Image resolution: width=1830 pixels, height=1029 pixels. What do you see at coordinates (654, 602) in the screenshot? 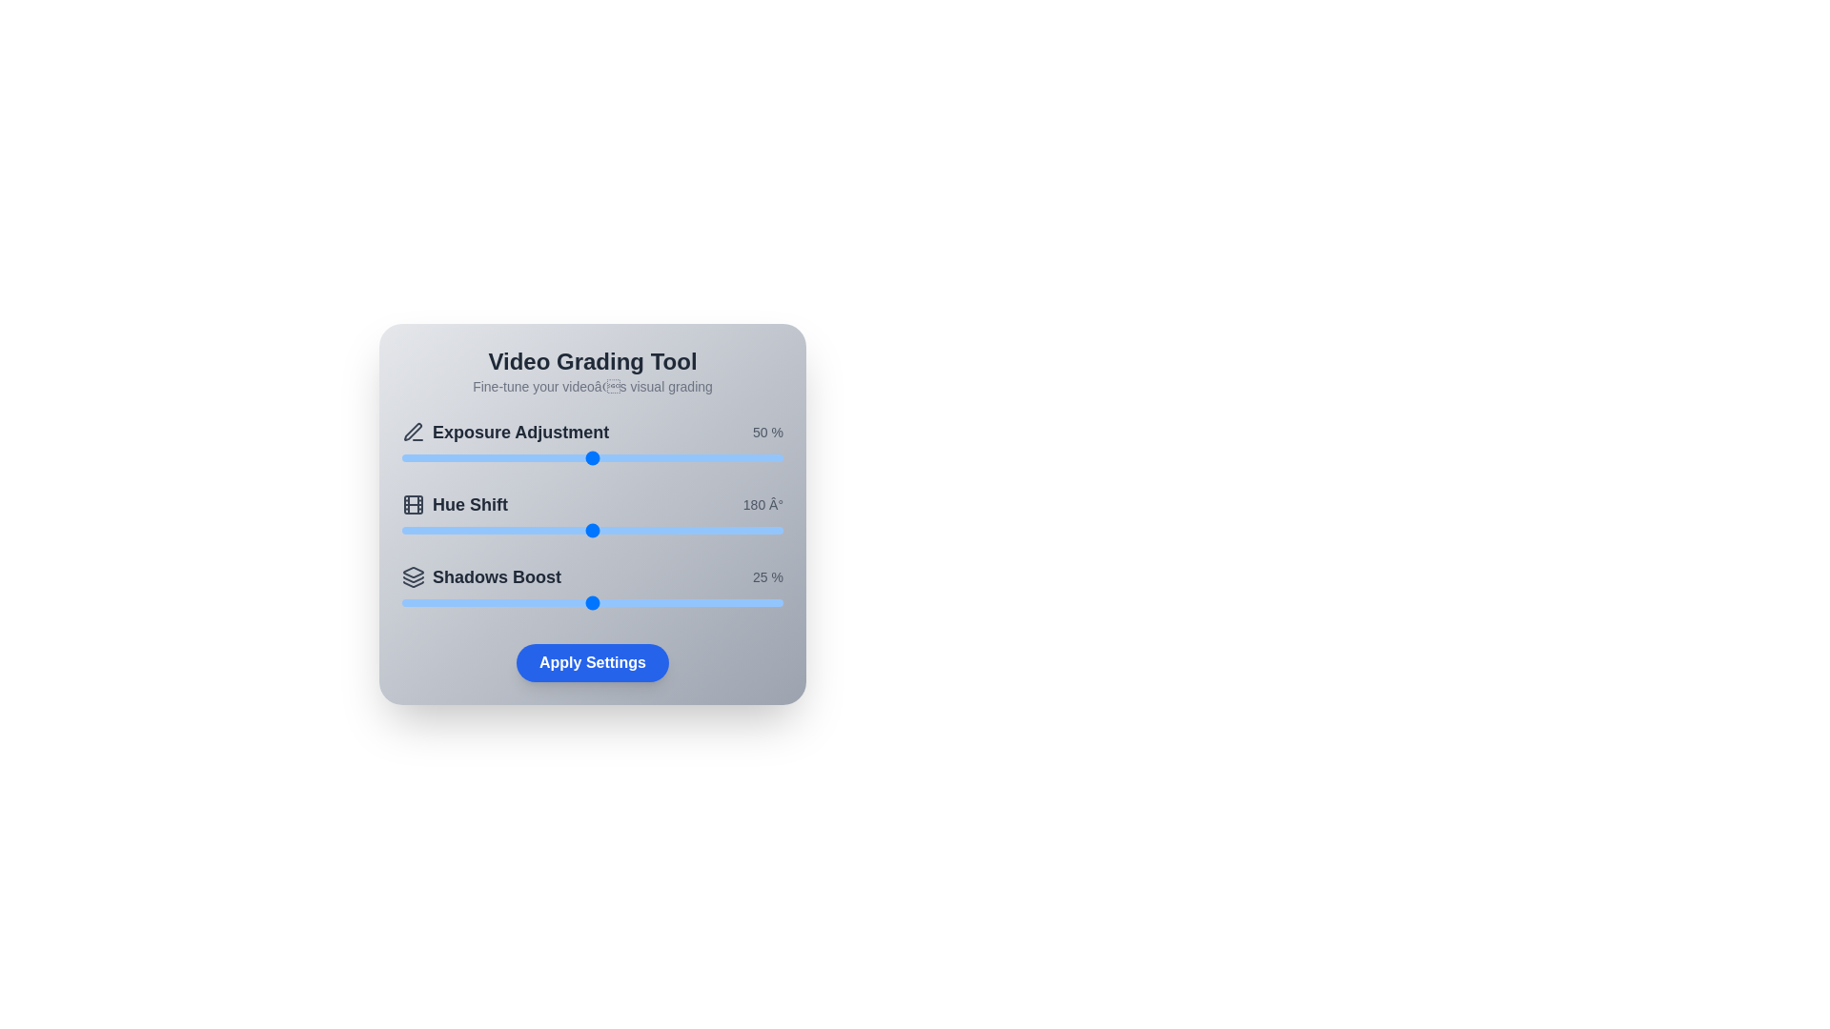
I see `the 'Shadows Boost' slider` at bounding box center [654, 602].